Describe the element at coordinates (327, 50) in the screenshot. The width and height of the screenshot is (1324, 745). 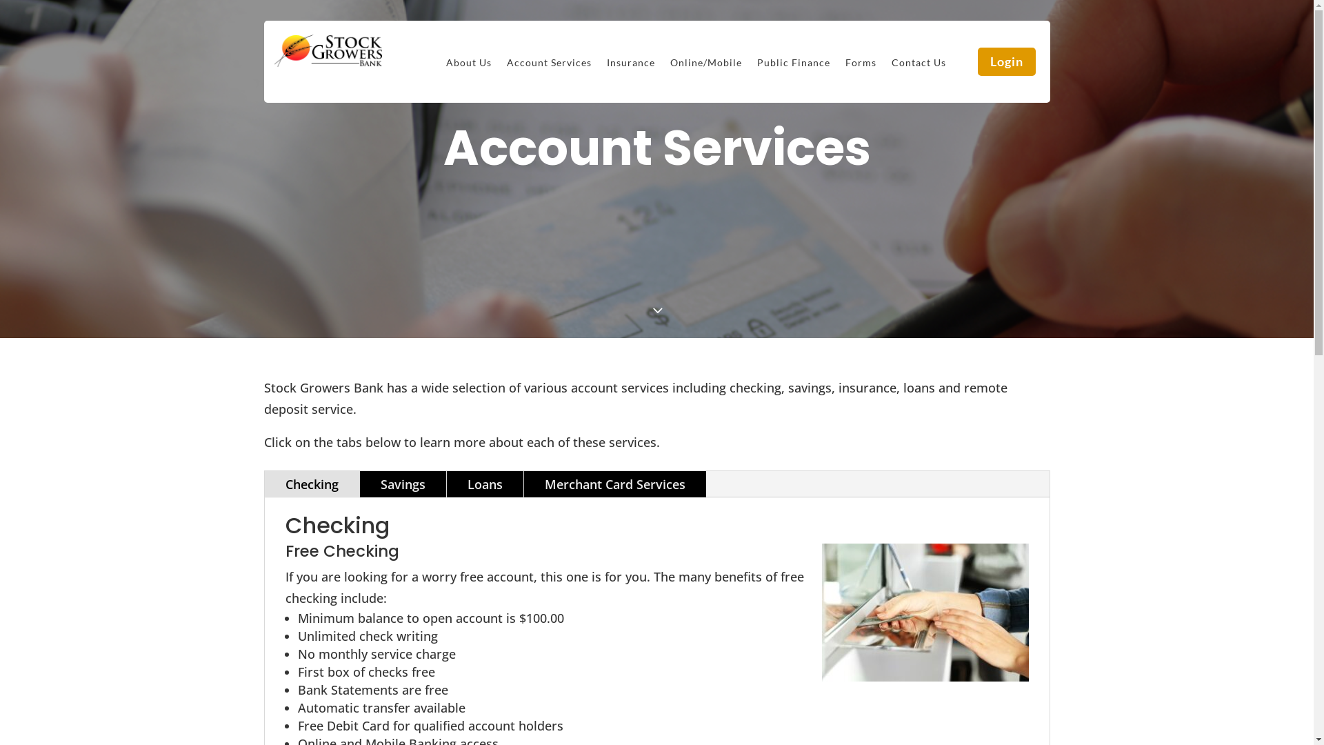
I see `'stock-growers-transparent-logo'` at that location.